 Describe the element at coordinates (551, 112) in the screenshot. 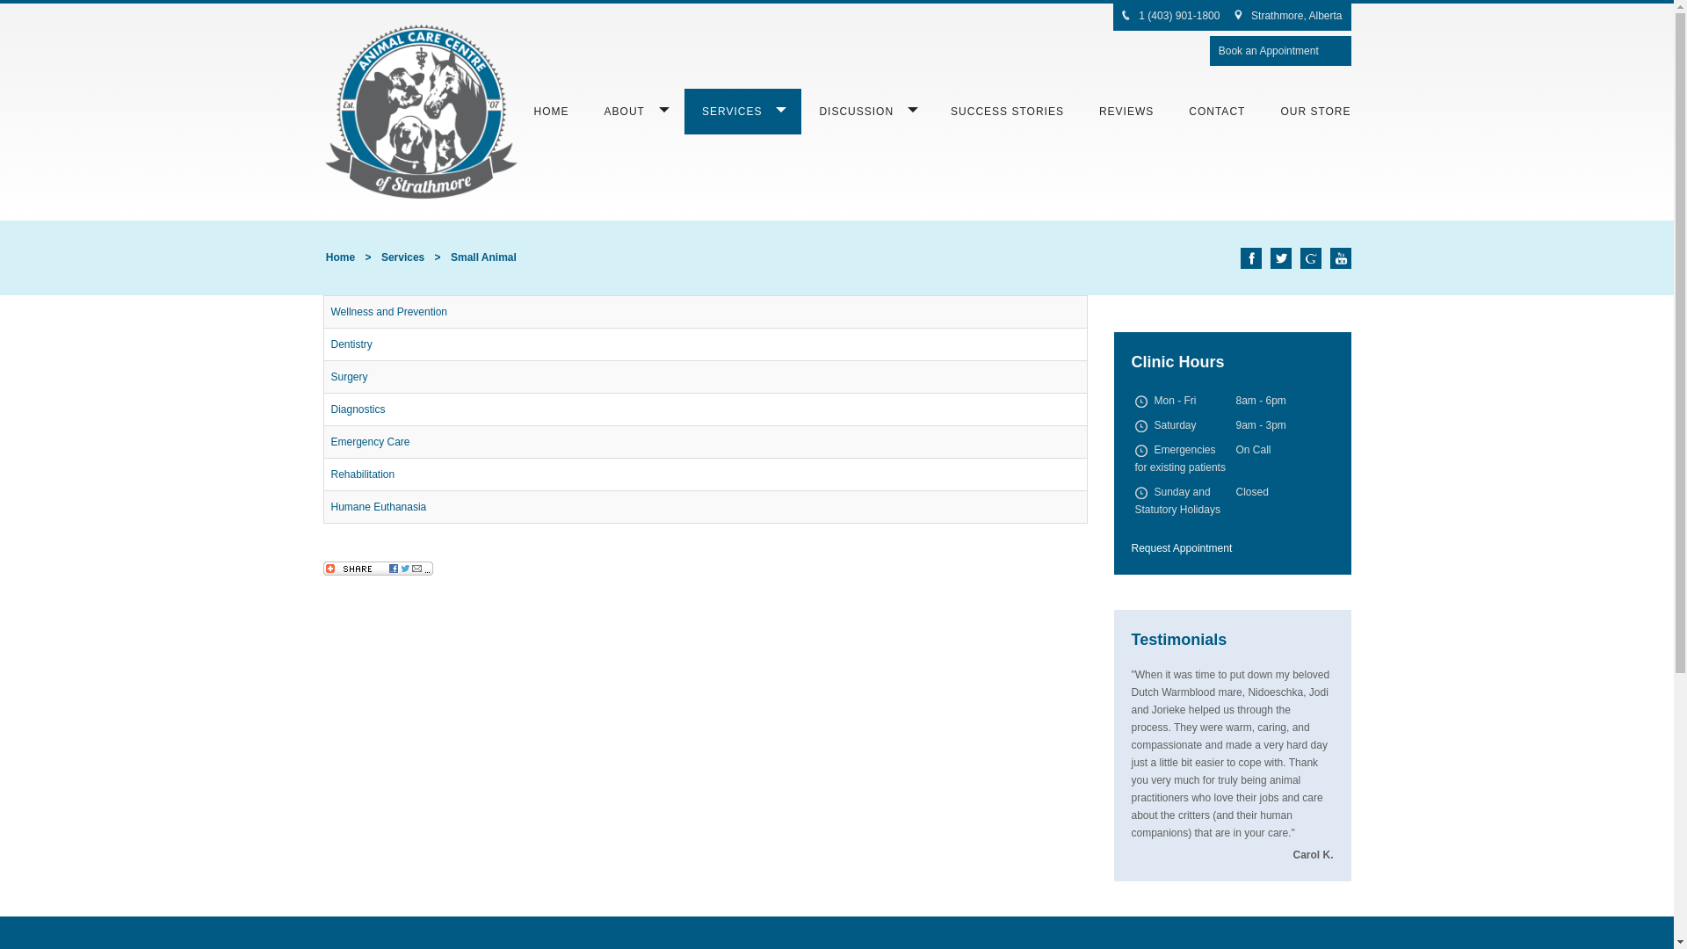

I see `'HOME'` at that location.